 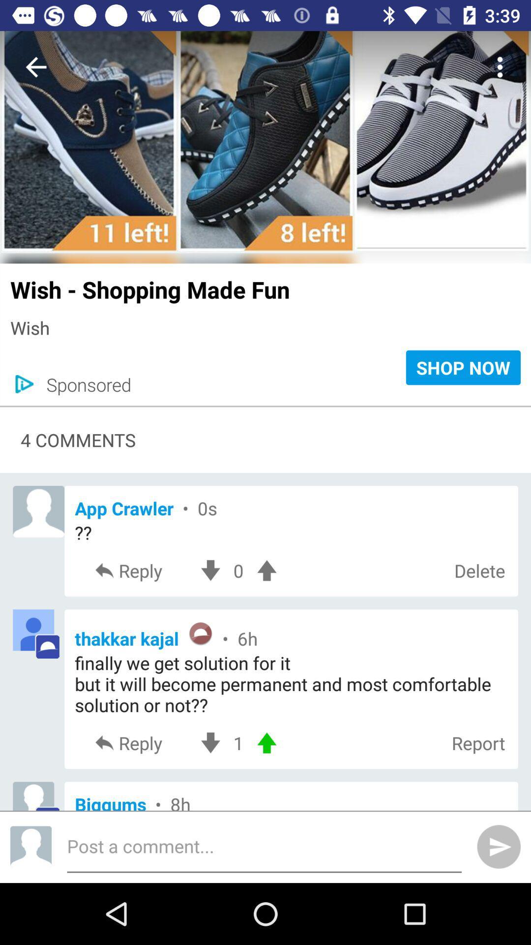 I want to click on icon above the wish shopping made icon, so click(x=265, y=258).